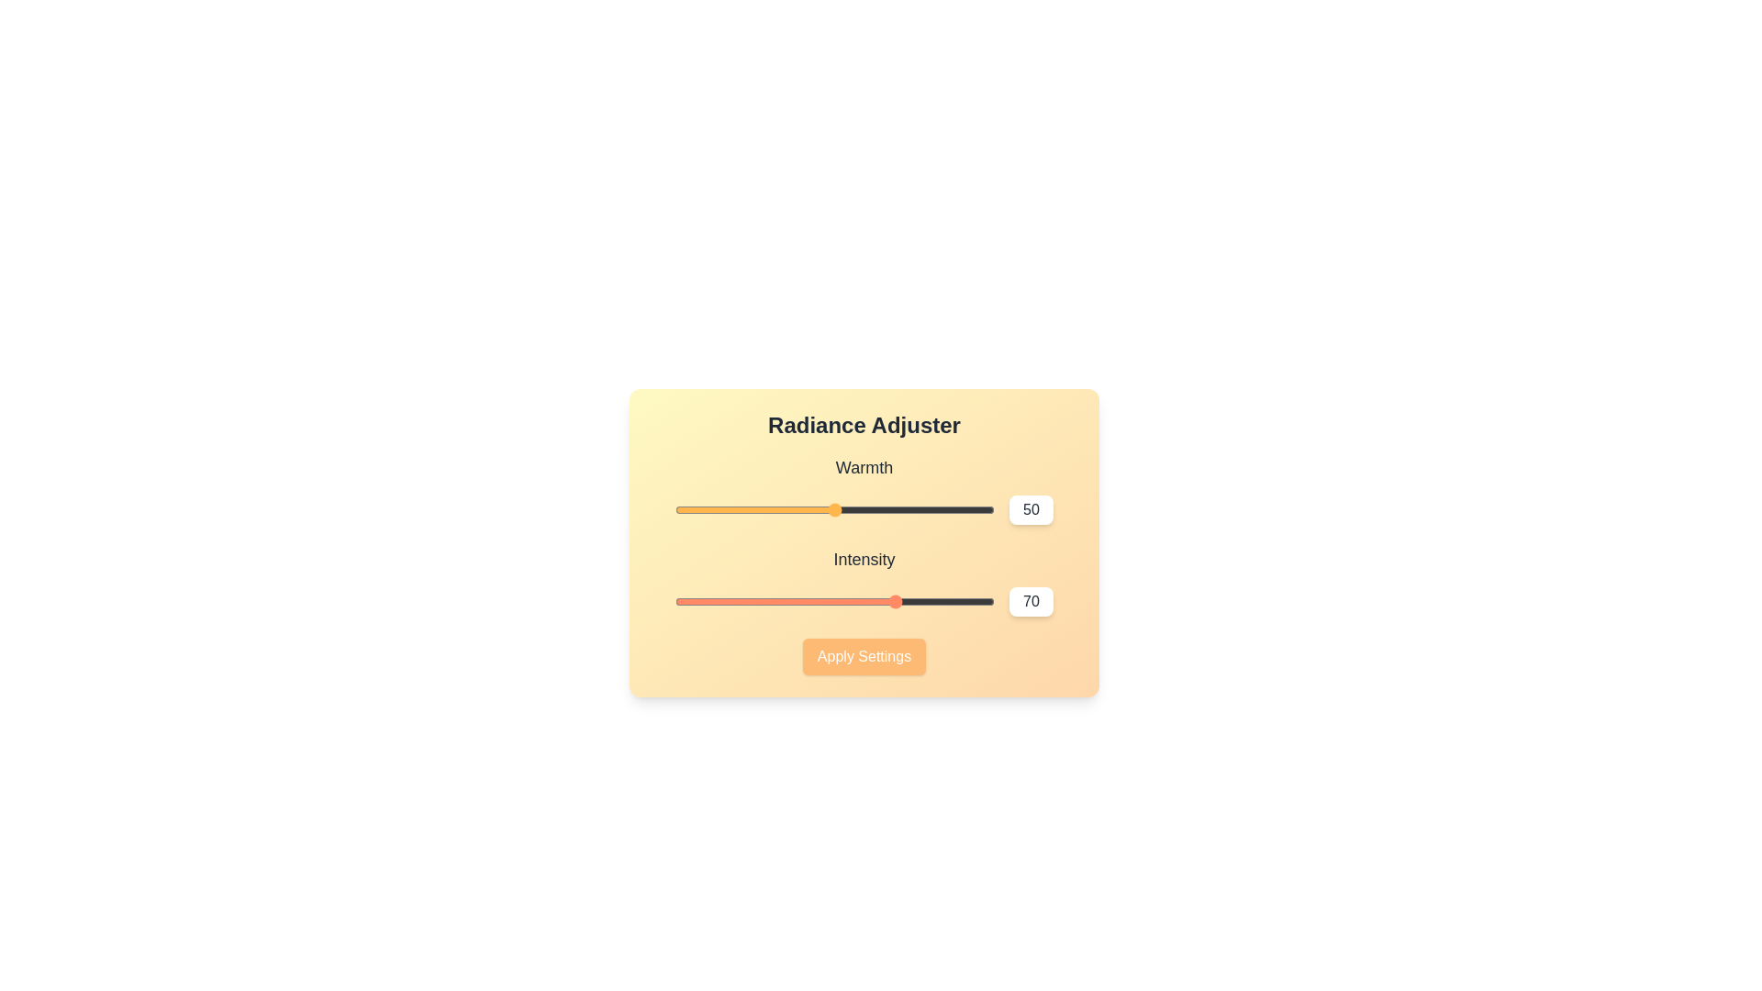 This screenshot has height=991, width=1762. Describe the element at coordinates (719, 601) in the screenshot. I see `the 'Intensity' slider to 14 value` at that location.